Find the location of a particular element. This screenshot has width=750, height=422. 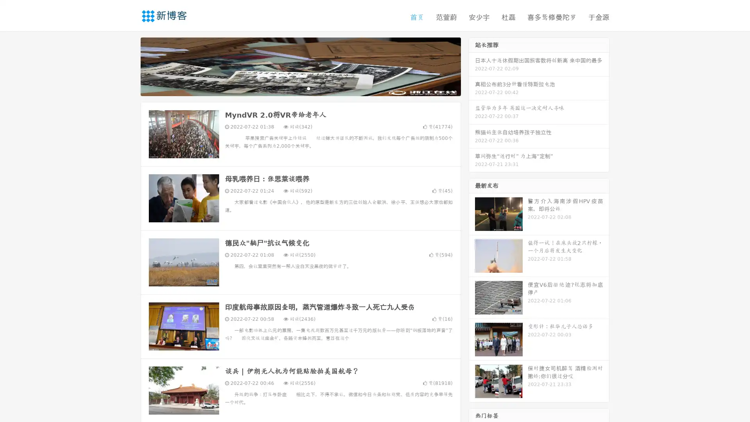

Go to slide 3 is located at coordinates (308, 88).